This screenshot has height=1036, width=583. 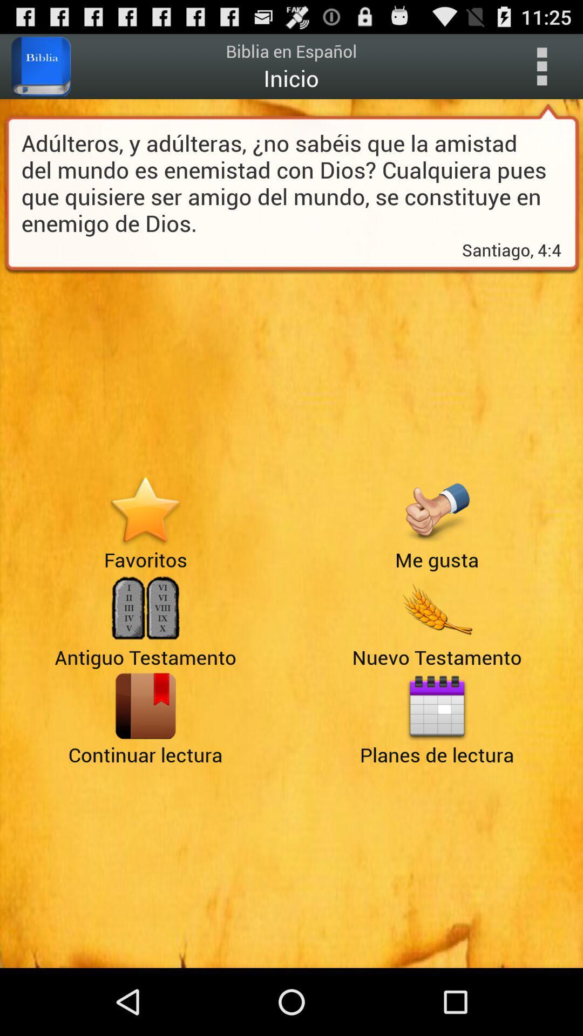 What do you see at coordinates (145, 547) in the screenshot?
I see `the star icon` at bounding box center [145, 547].